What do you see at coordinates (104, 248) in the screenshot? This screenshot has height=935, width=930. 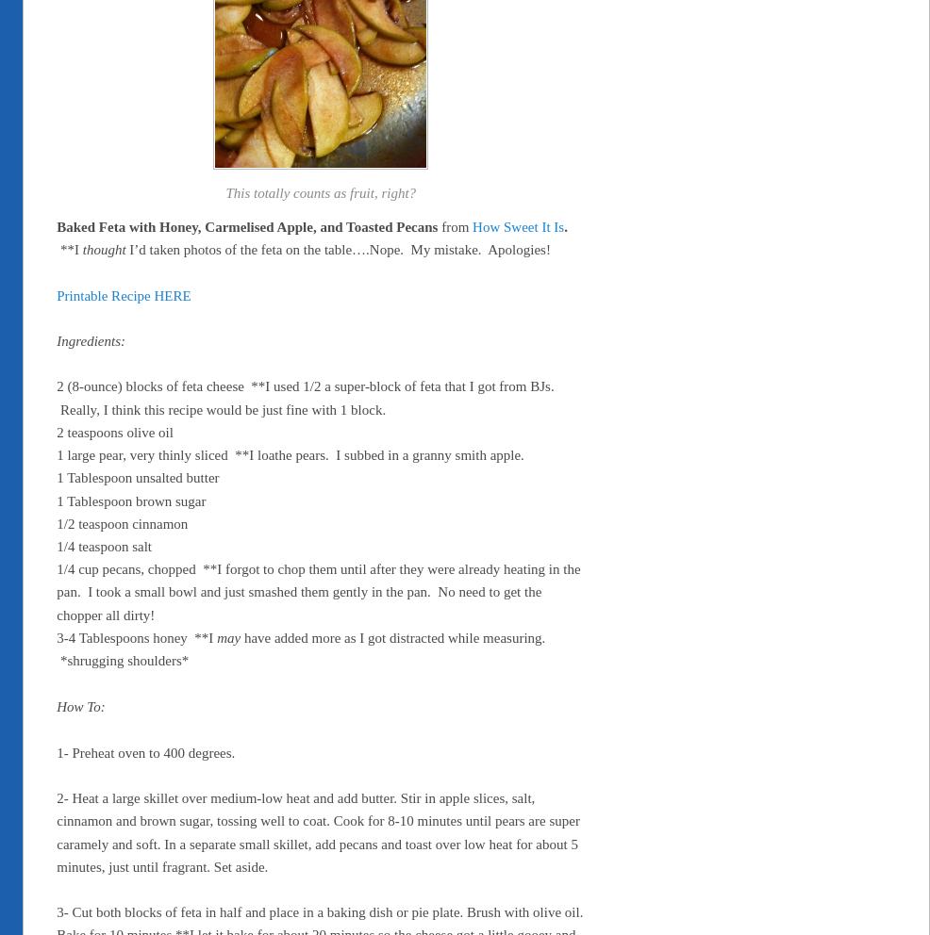 I see `'thought'` at bounding box center [104, 248].